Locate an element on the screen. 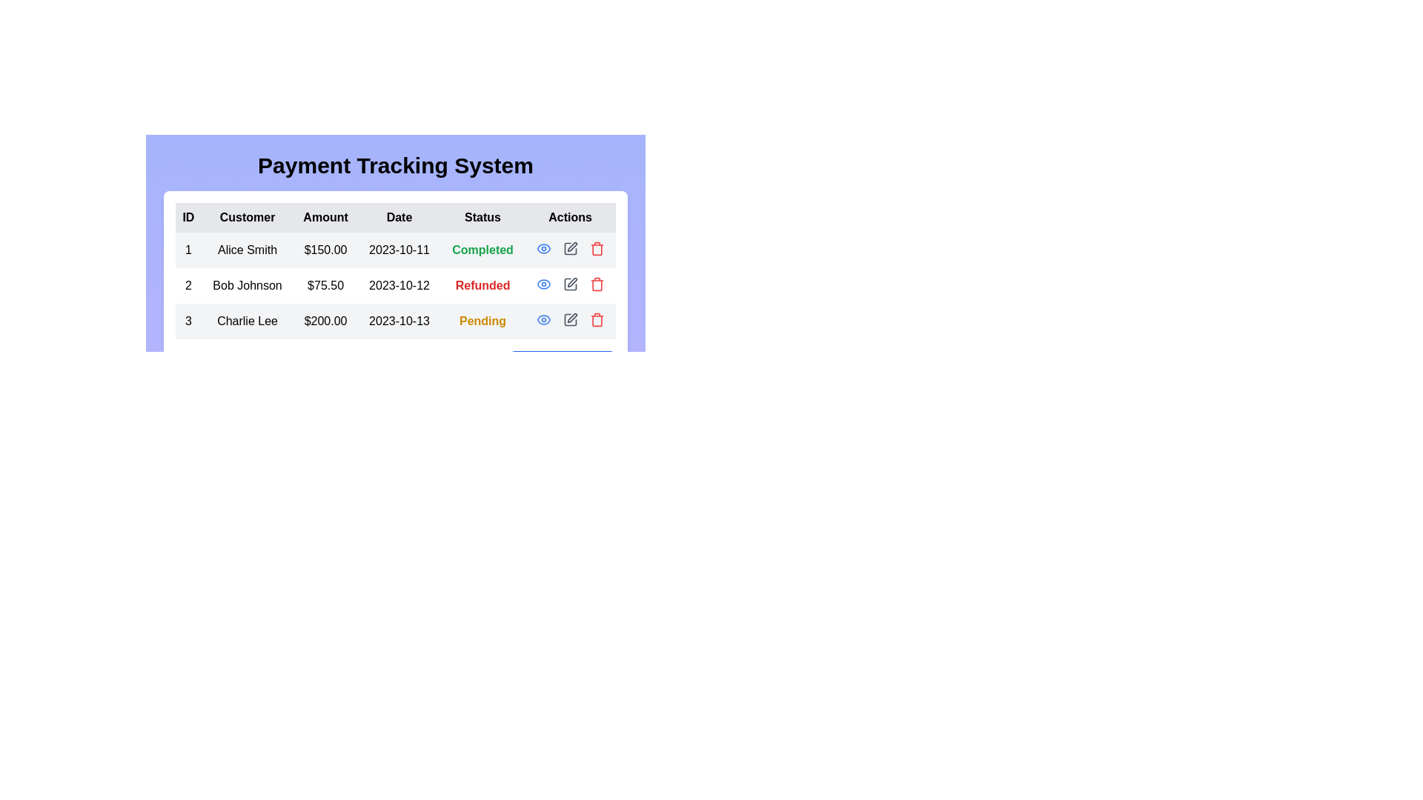 This screenshot has height=800, width=1423. the text label displaying 'Alice Smith' in the 'Customer' column of the first row of the table is located at coordinates (248, 250).